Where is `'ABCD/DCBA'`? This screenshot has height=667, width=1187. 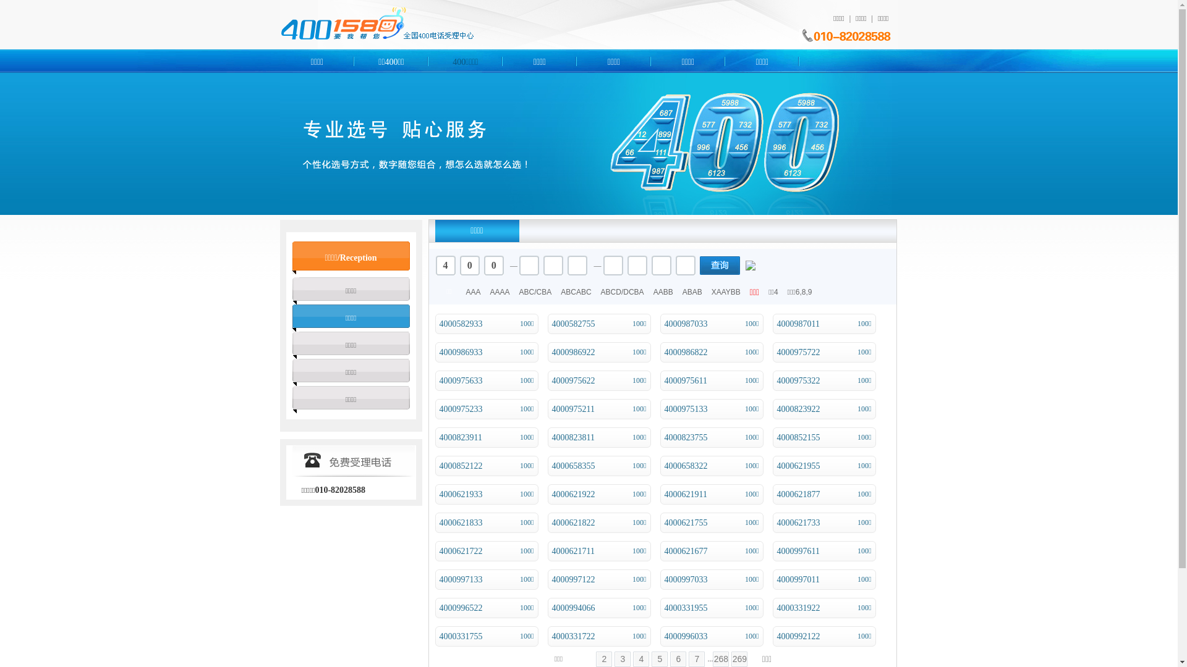
'ABCD/DCBA' is located at coordinates (597, 292).